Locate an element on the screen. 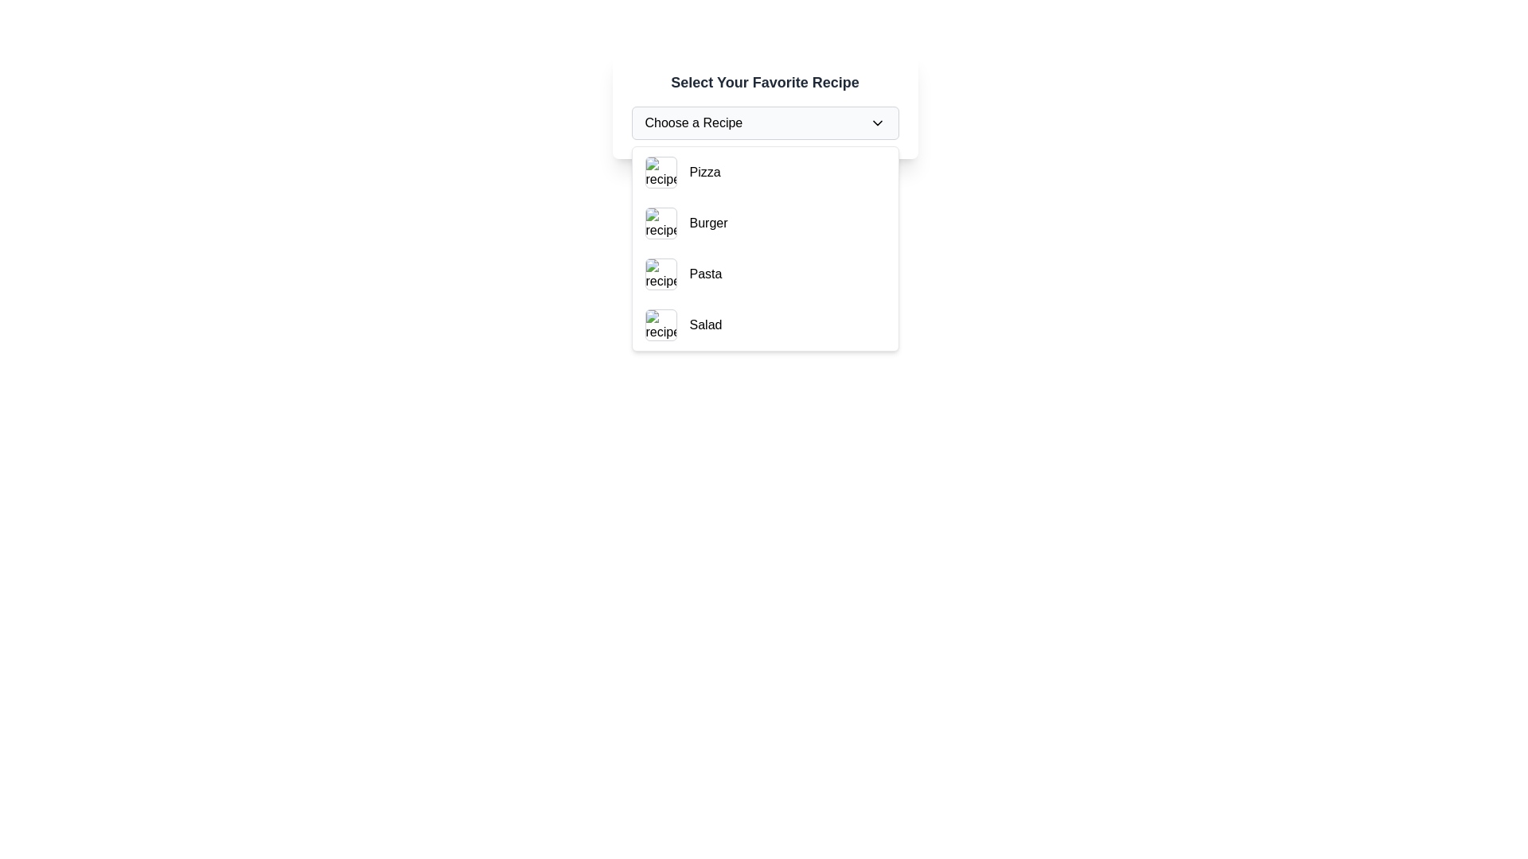 This screenshot has width=1528, height=859. to select the 'Burger' option from the dropdown menu, which is the second item in the list, positioned below 'Pizza' and above 'Pasta' is located at coordinates (765, 223).